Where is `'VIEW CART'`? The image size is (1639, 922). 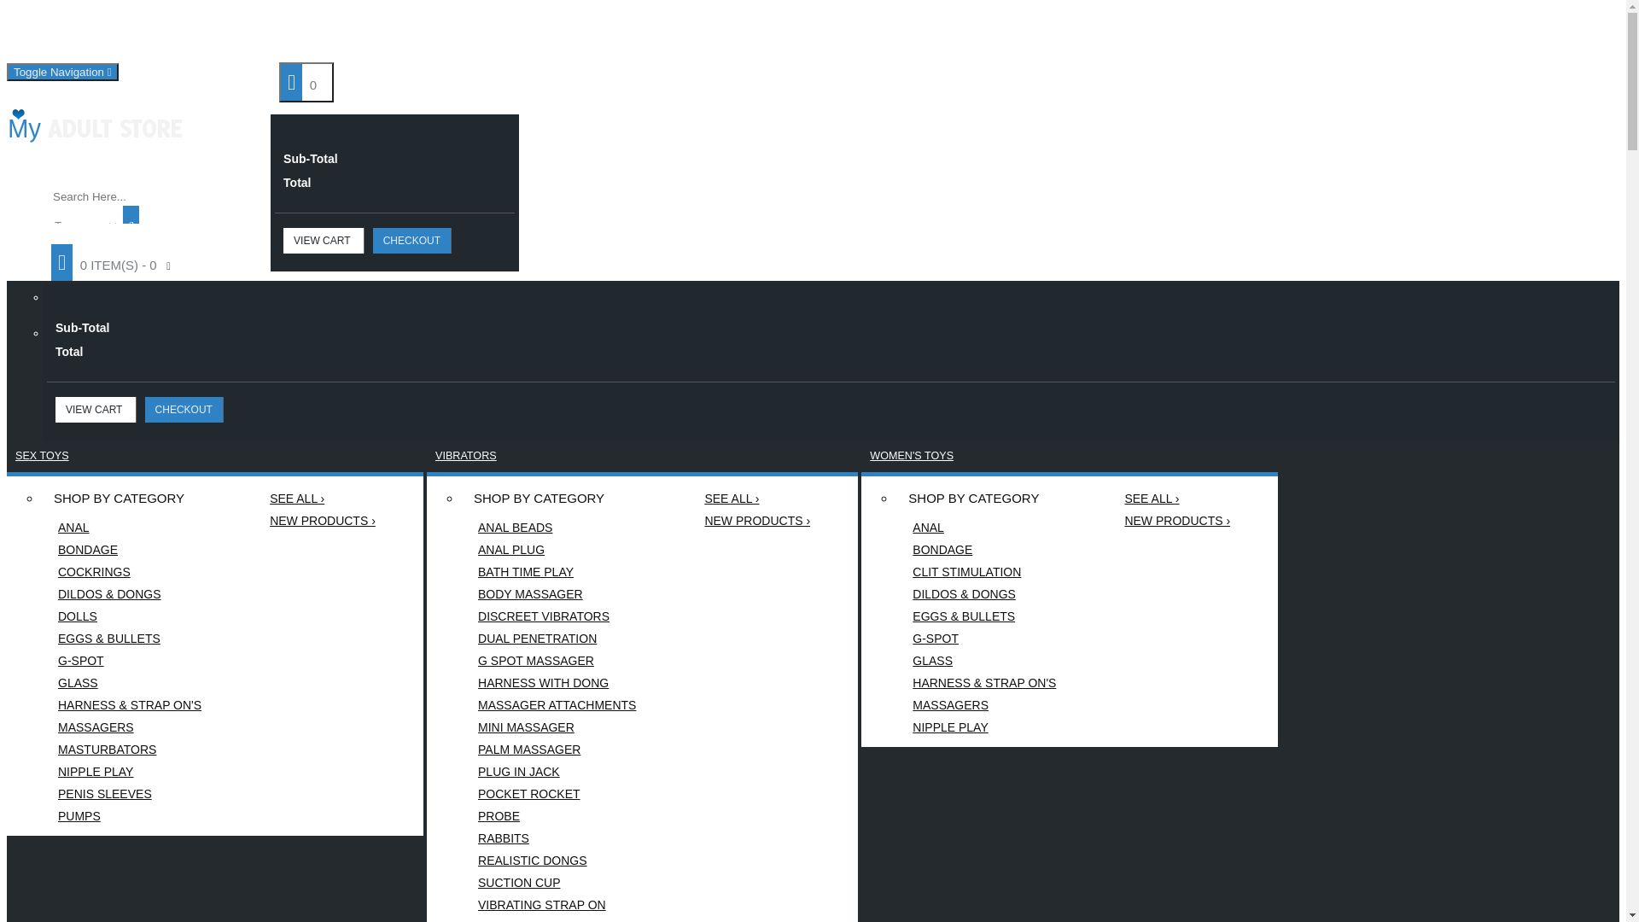 'VIEW CART' is located at coordinates (324, 240).